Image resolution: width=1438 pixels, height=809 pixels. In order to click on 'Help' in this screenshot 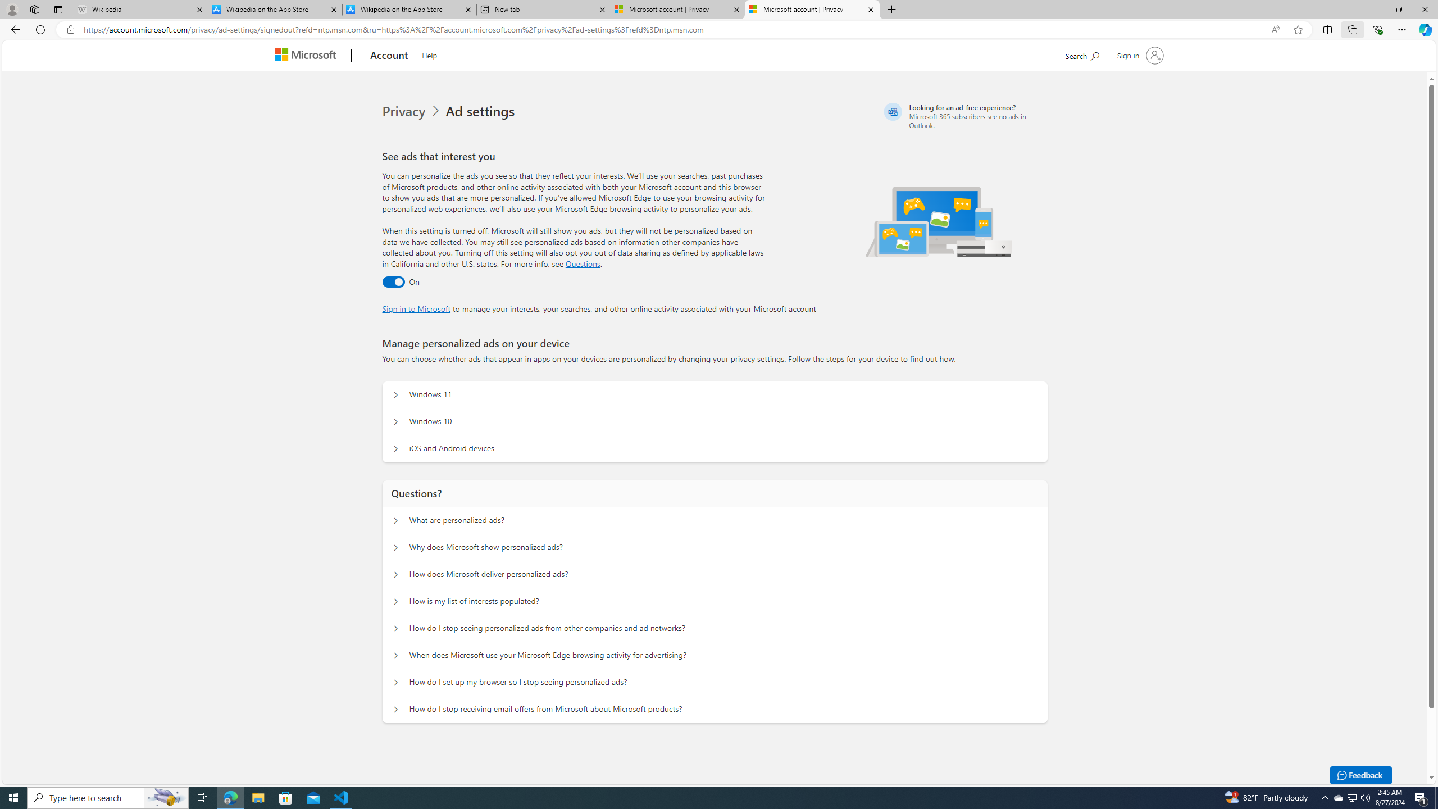, I will do `click(430, 54)`.